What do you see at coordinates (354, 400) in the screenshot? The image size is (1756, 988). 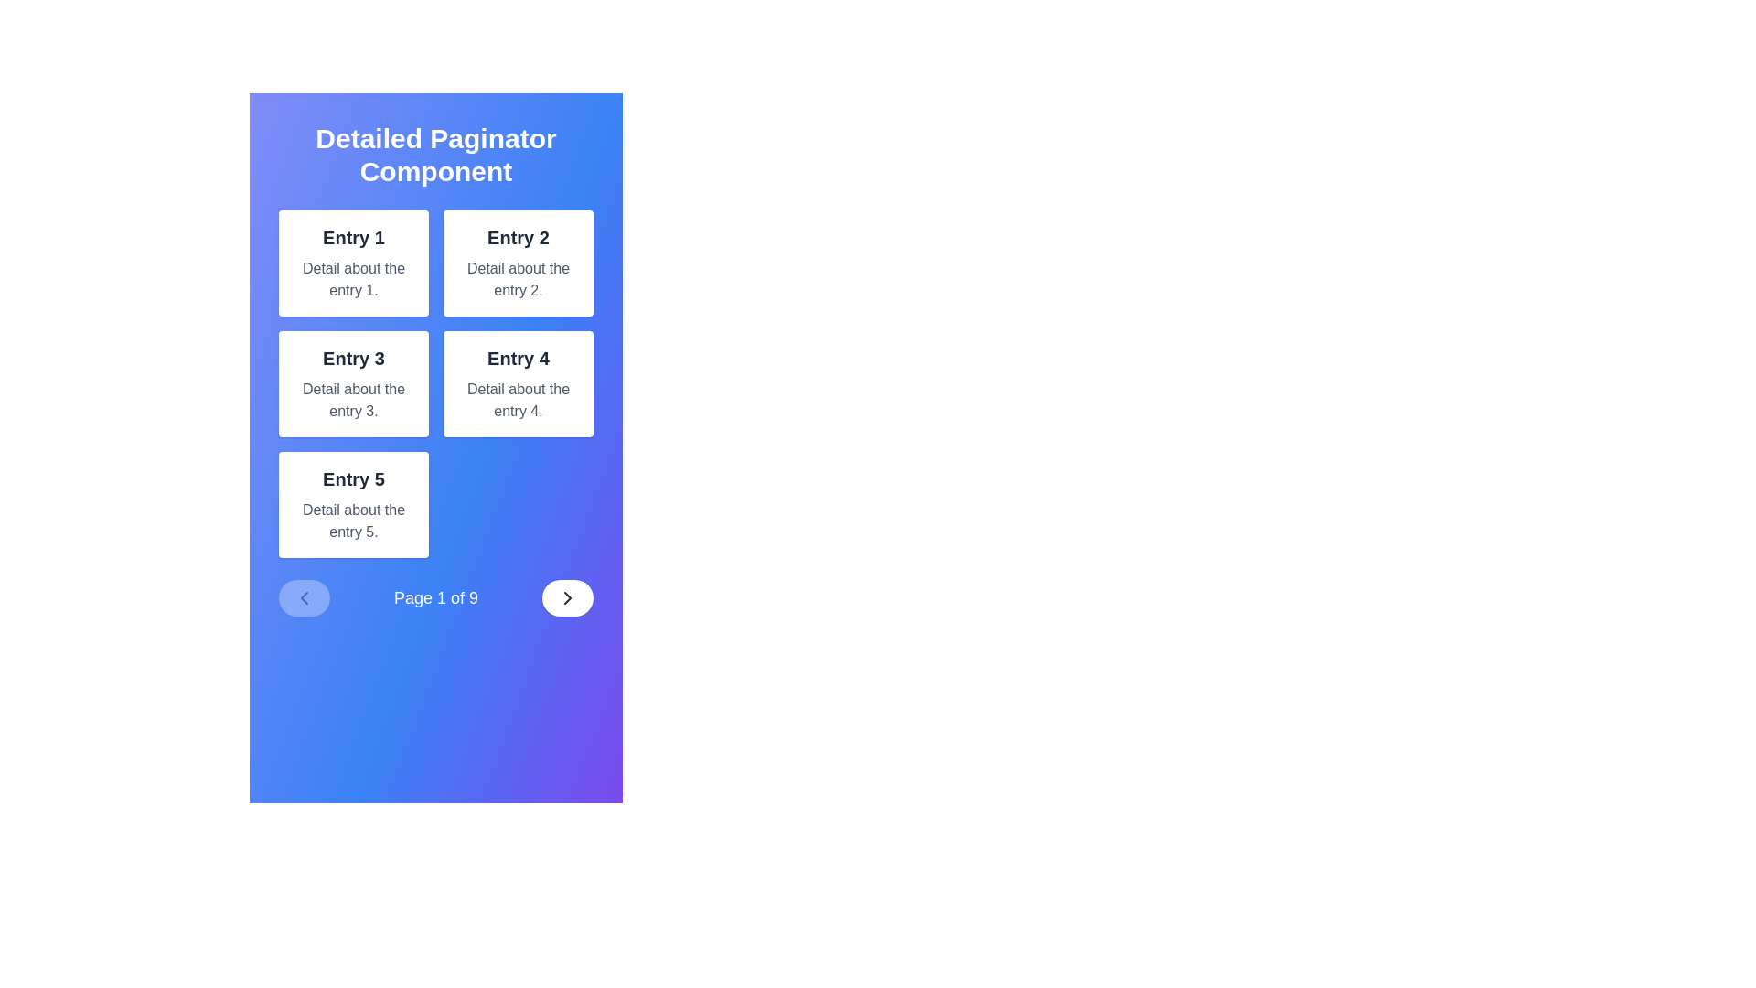 I see `the text element reading 'Detail about the entry 3.' which is styled in muted gray and located inside the card labeled 'Entry 3'` at bounding box center [354, 400].